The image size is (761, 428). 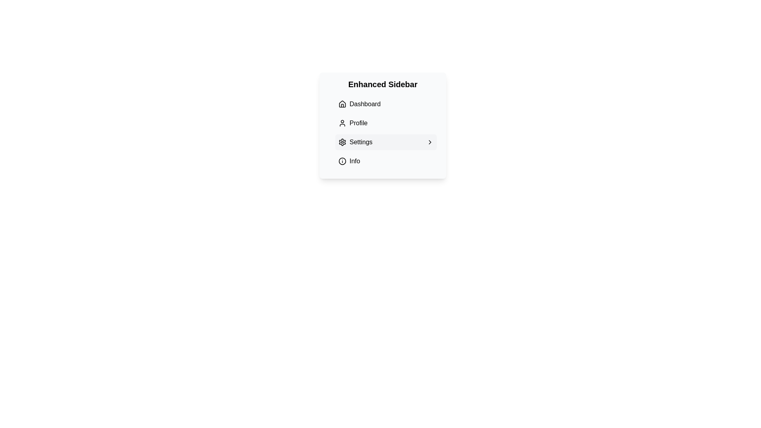 What do you see at coordinates (342, 161) in the screenshot?
I see `the 'Info' icon located in the bottom entry of the 'Enhanced Sidebar'` at bounding box center [342, 161].